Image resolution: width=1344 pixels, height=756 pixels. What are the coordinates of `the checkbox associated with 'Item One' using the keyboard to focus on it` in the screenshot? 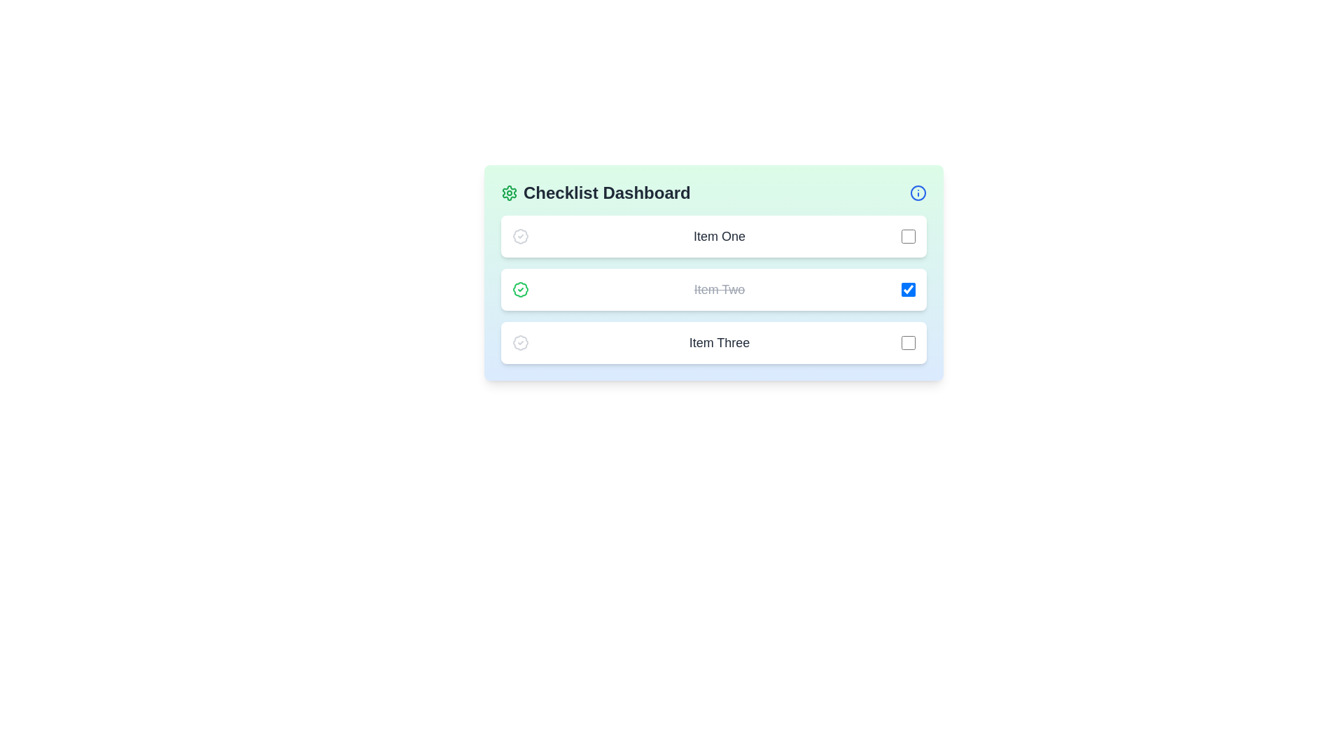 It's located at (908, 236).